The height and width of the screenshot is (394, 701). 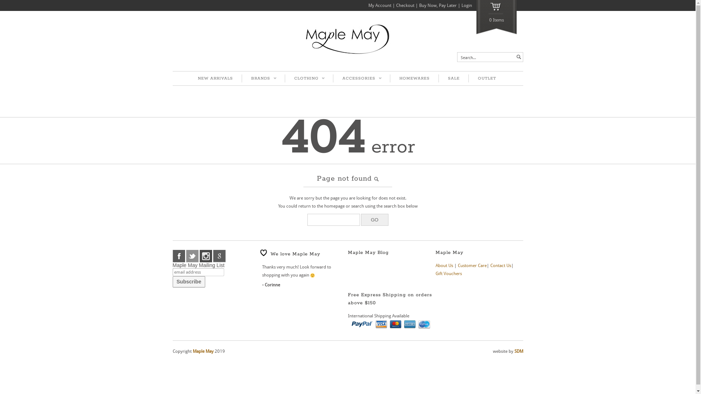 I want to click on 'Customer Care', so click(x=472, y=266).